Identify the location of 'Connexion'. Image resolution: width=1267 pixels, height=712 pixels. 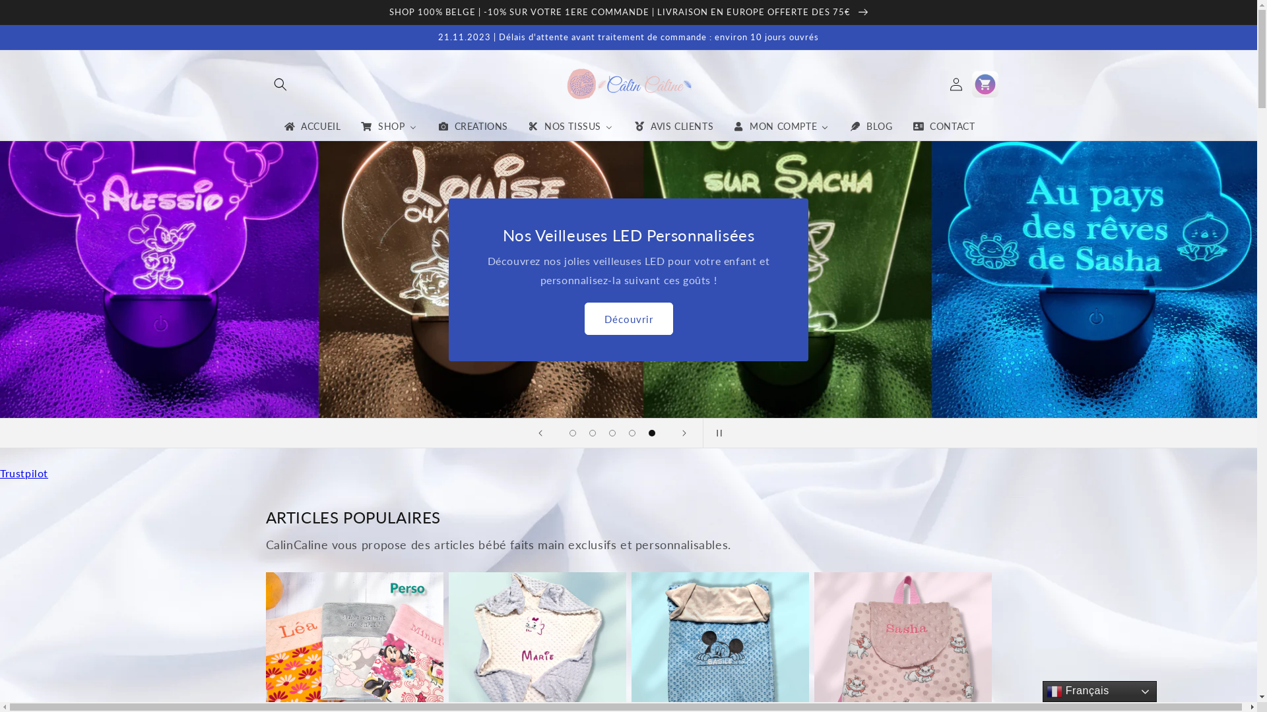
(956, 84).